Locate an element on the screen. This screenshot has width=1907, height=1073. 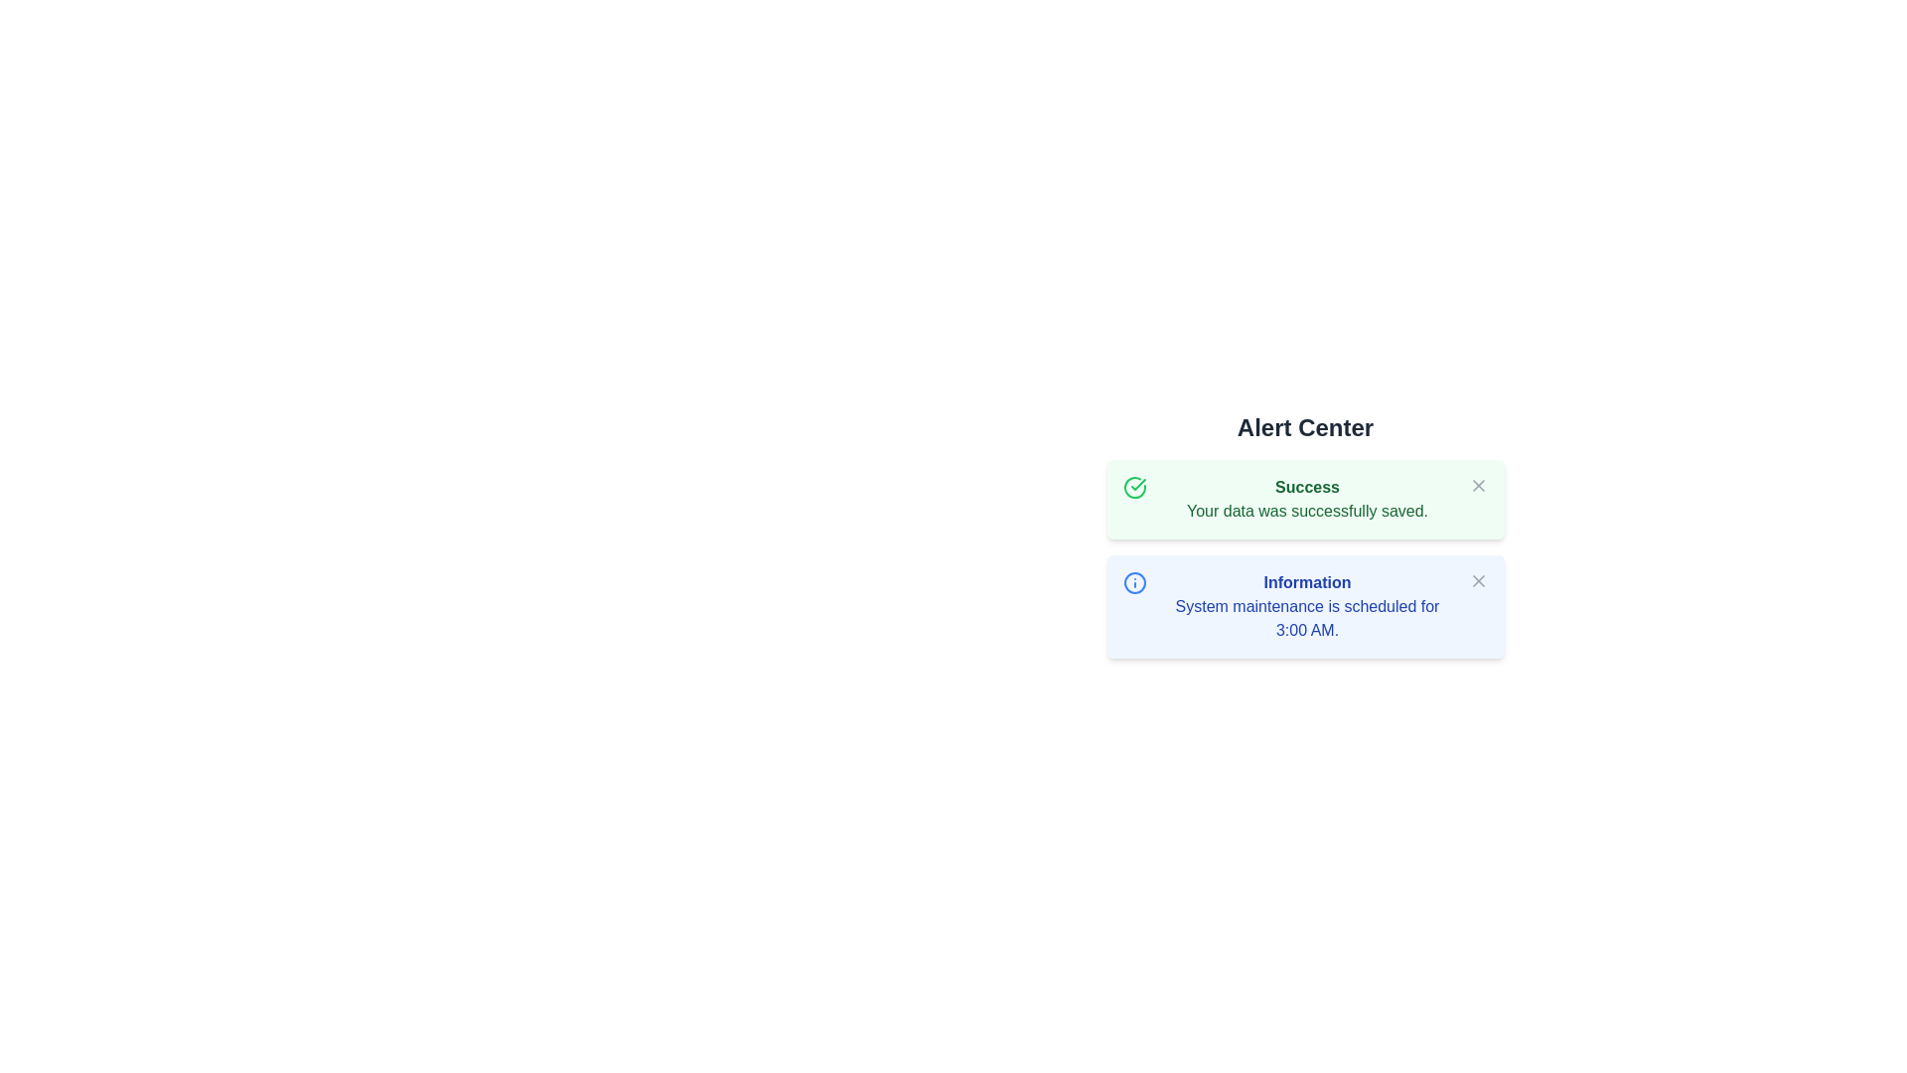
the success icon located in the upper-left part of the green notification box that indicates successful completion of data saving is located at coordinates (1134, 487).